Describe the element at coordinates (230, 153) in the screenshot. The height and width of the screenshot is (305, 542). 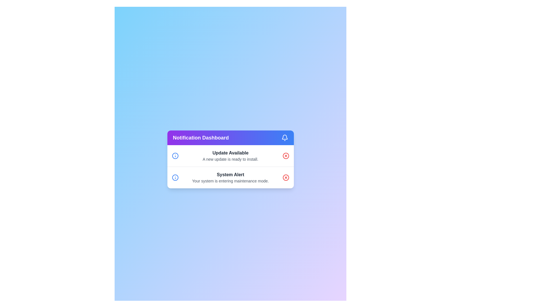
I see `title text label of the notification that summarizes the purpose of the message about an available update, located beneath the 'Notification Dashboard' heading and above the descriptive text` at that location.